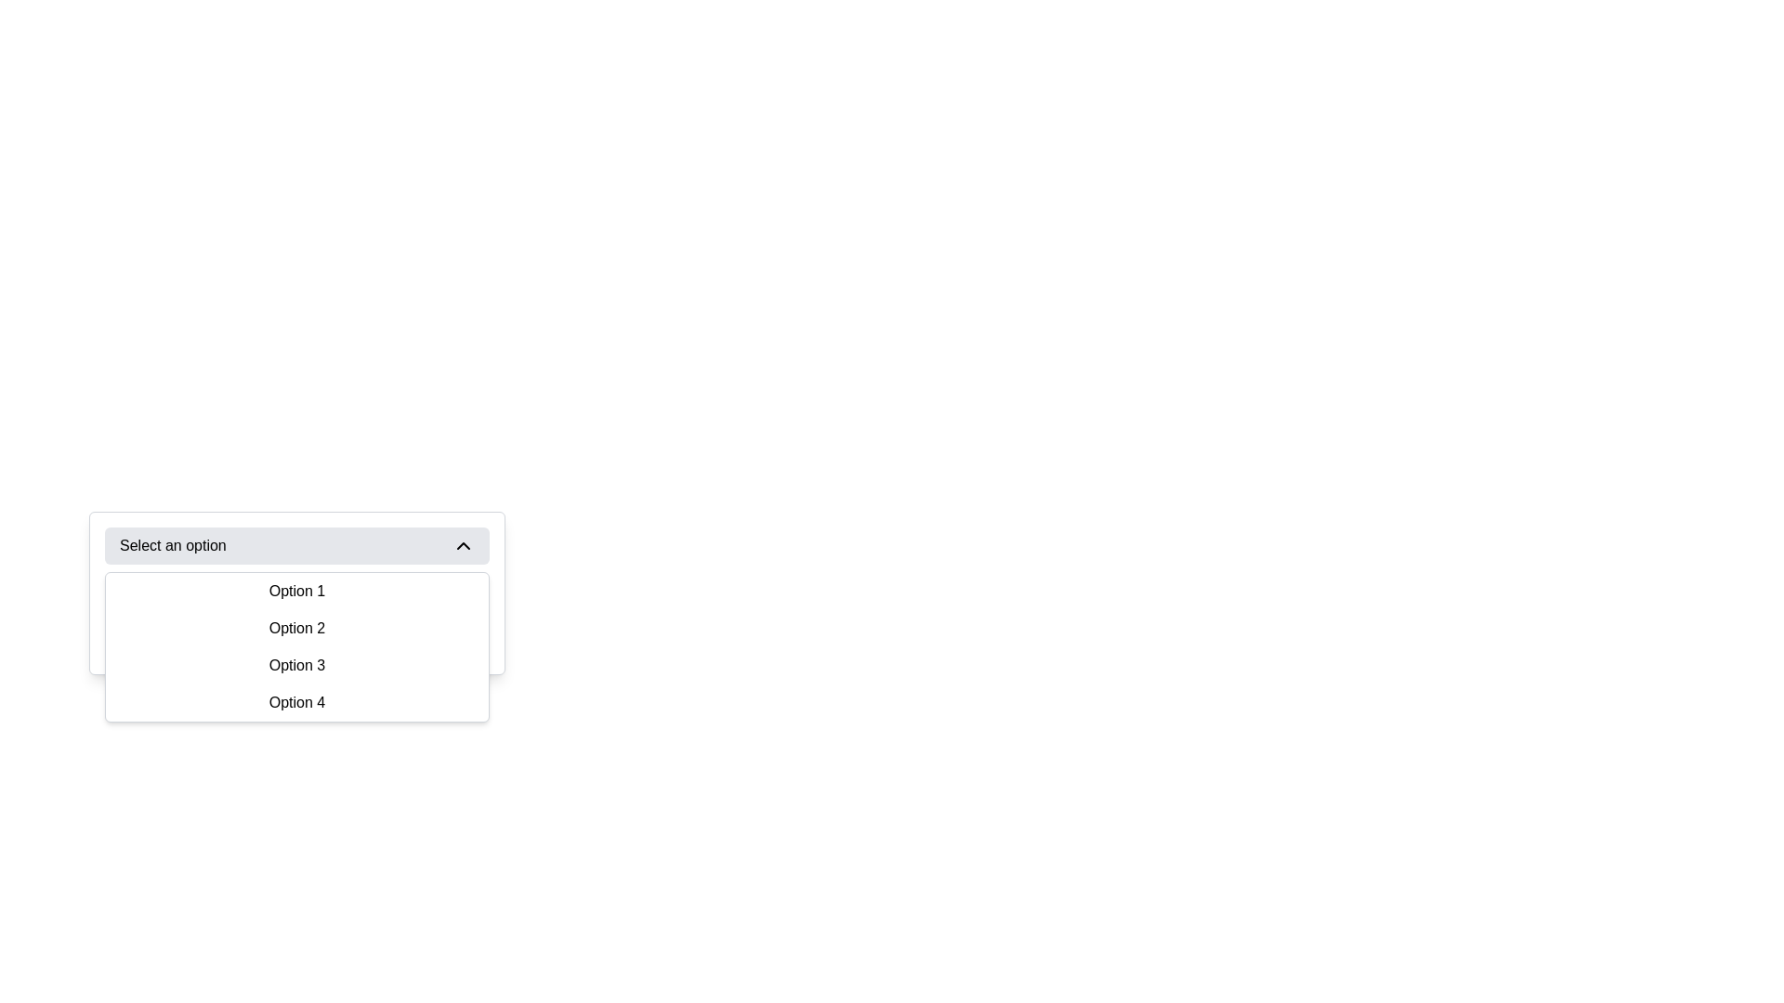 Image resolution: width=1784 pixels, height=1003 pixels. I want to click on the menu item displaying 'Option 4' in bold black font, so click(297, 702).